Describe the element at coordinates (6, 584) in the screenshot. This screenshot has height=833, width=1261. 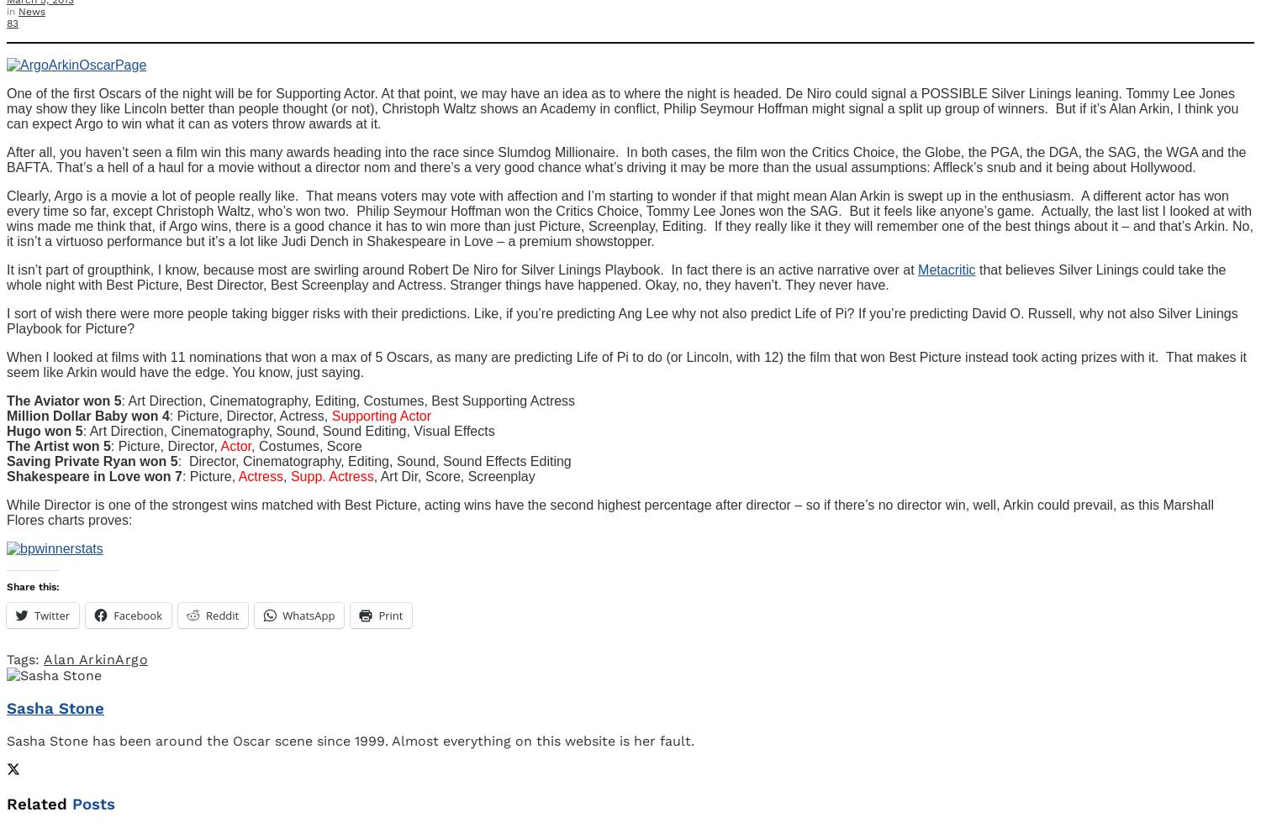
I see `'Share this:'` at that location.